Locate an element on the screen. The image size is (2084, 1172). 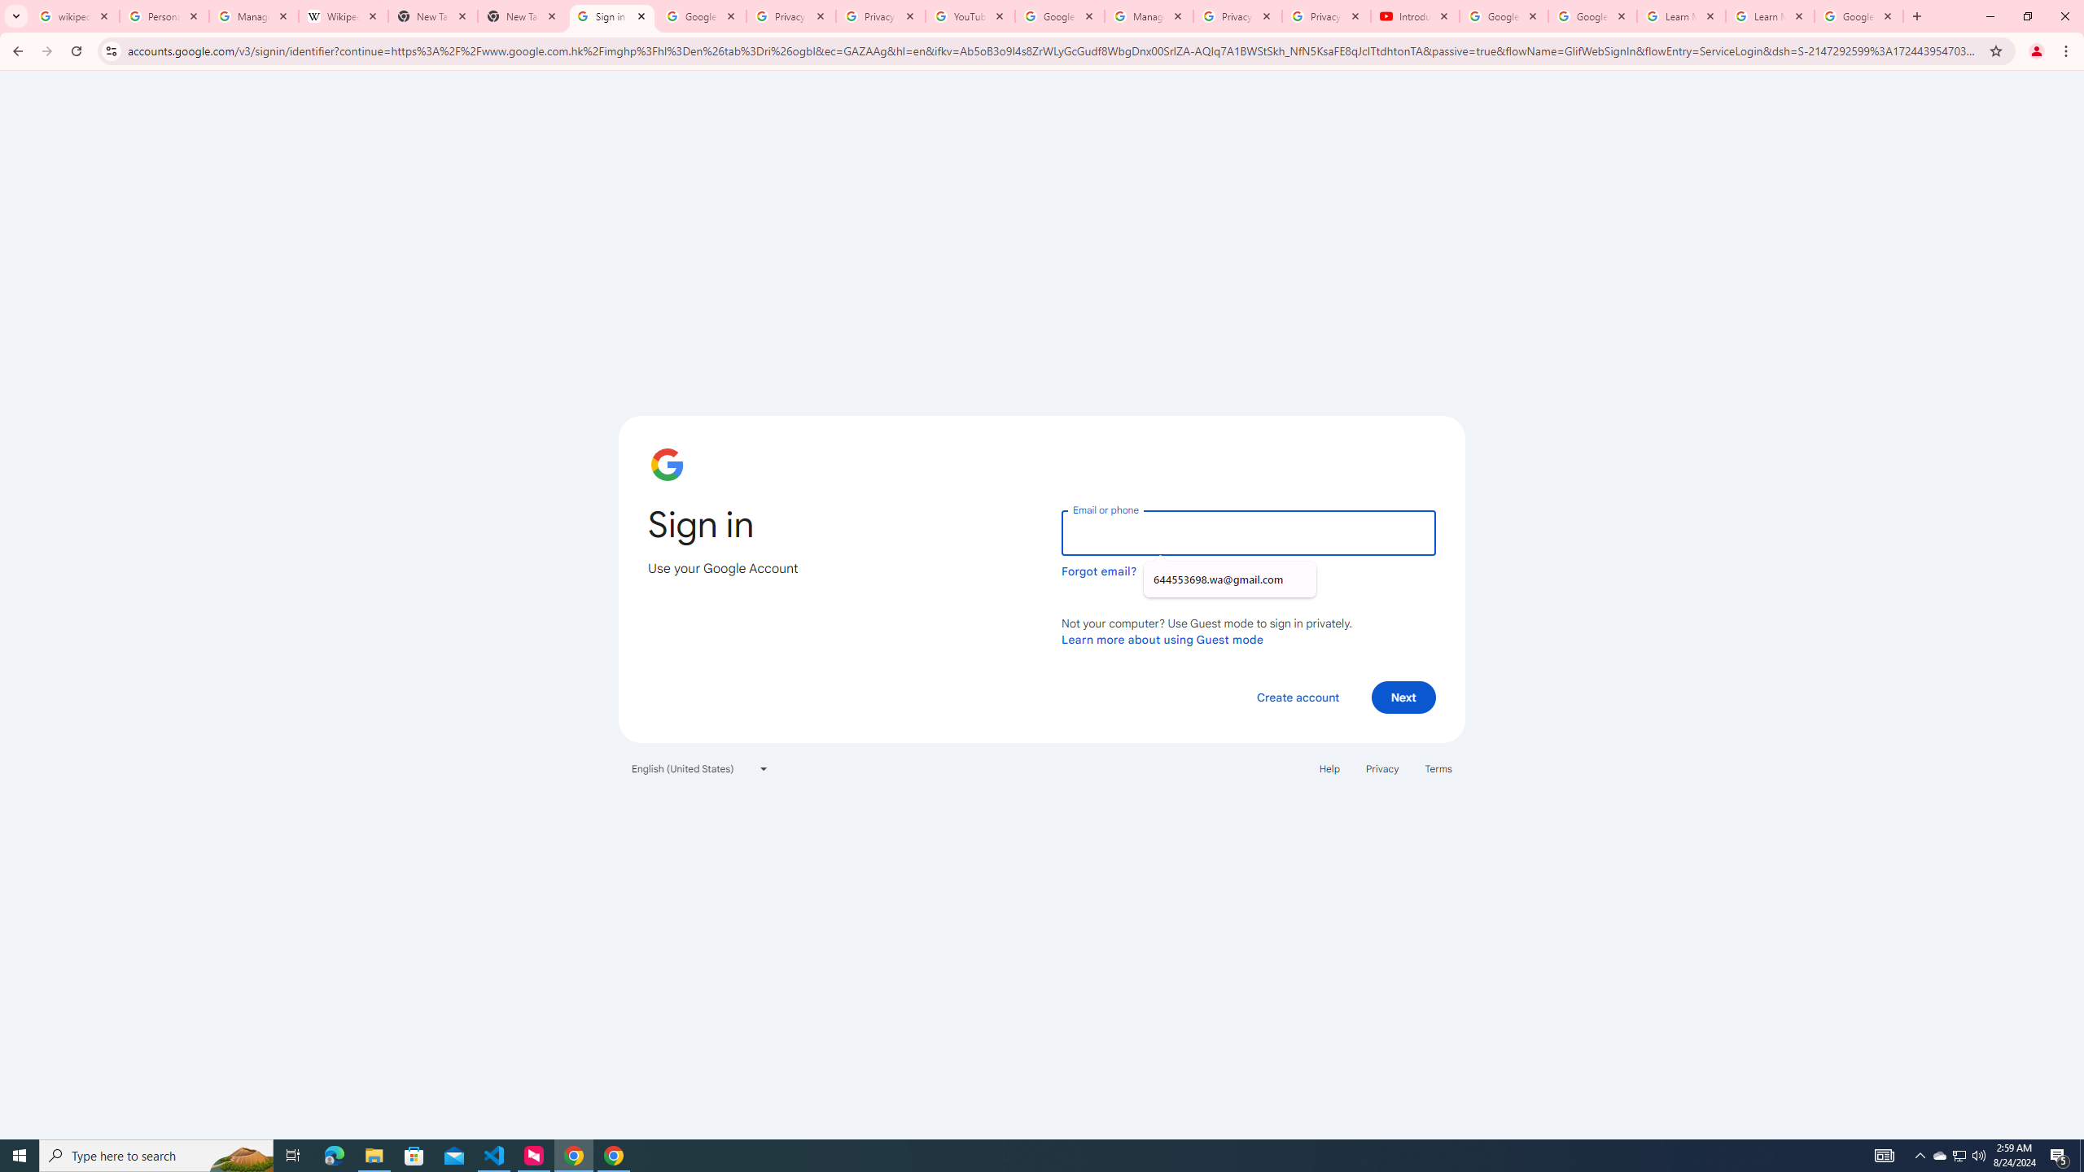
'Email or phone' is located at coordinates (1247, 532).